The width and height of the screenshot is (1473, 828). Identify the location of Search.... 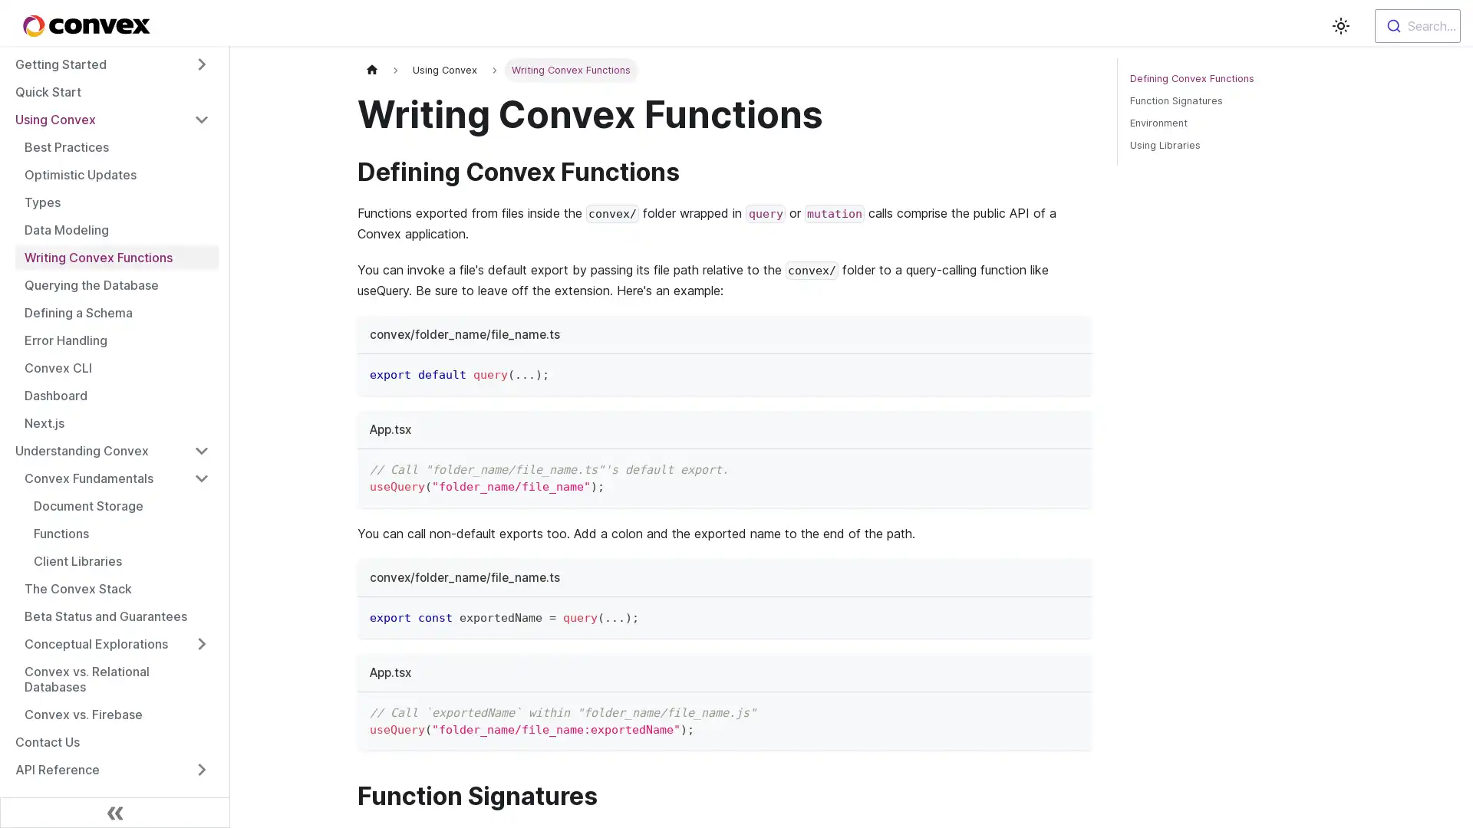
(1417, 26).